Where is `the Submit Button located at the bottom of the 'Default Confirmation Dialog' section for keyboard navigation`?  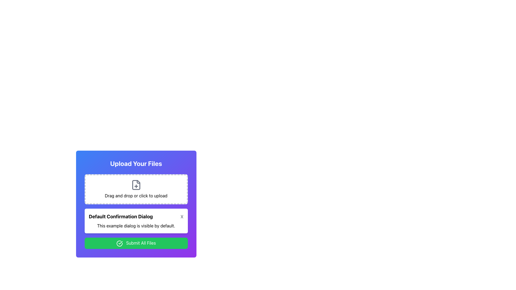 the Submit Button located at the bottom of the 'Default Confirmation Dialog' section for keyboard navigation is located at coordinates (136, 243).